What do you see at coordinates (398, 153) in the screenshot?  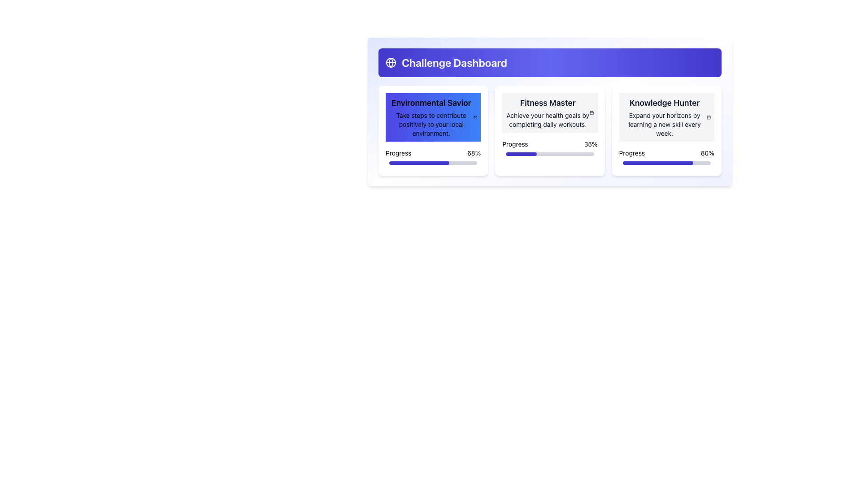 I see `the text label displaying 'Progress' located in the bottom-left section of the 'Environmental Savior' card, which precedes the percentage label '68%'` at bounding box center [398, 153].